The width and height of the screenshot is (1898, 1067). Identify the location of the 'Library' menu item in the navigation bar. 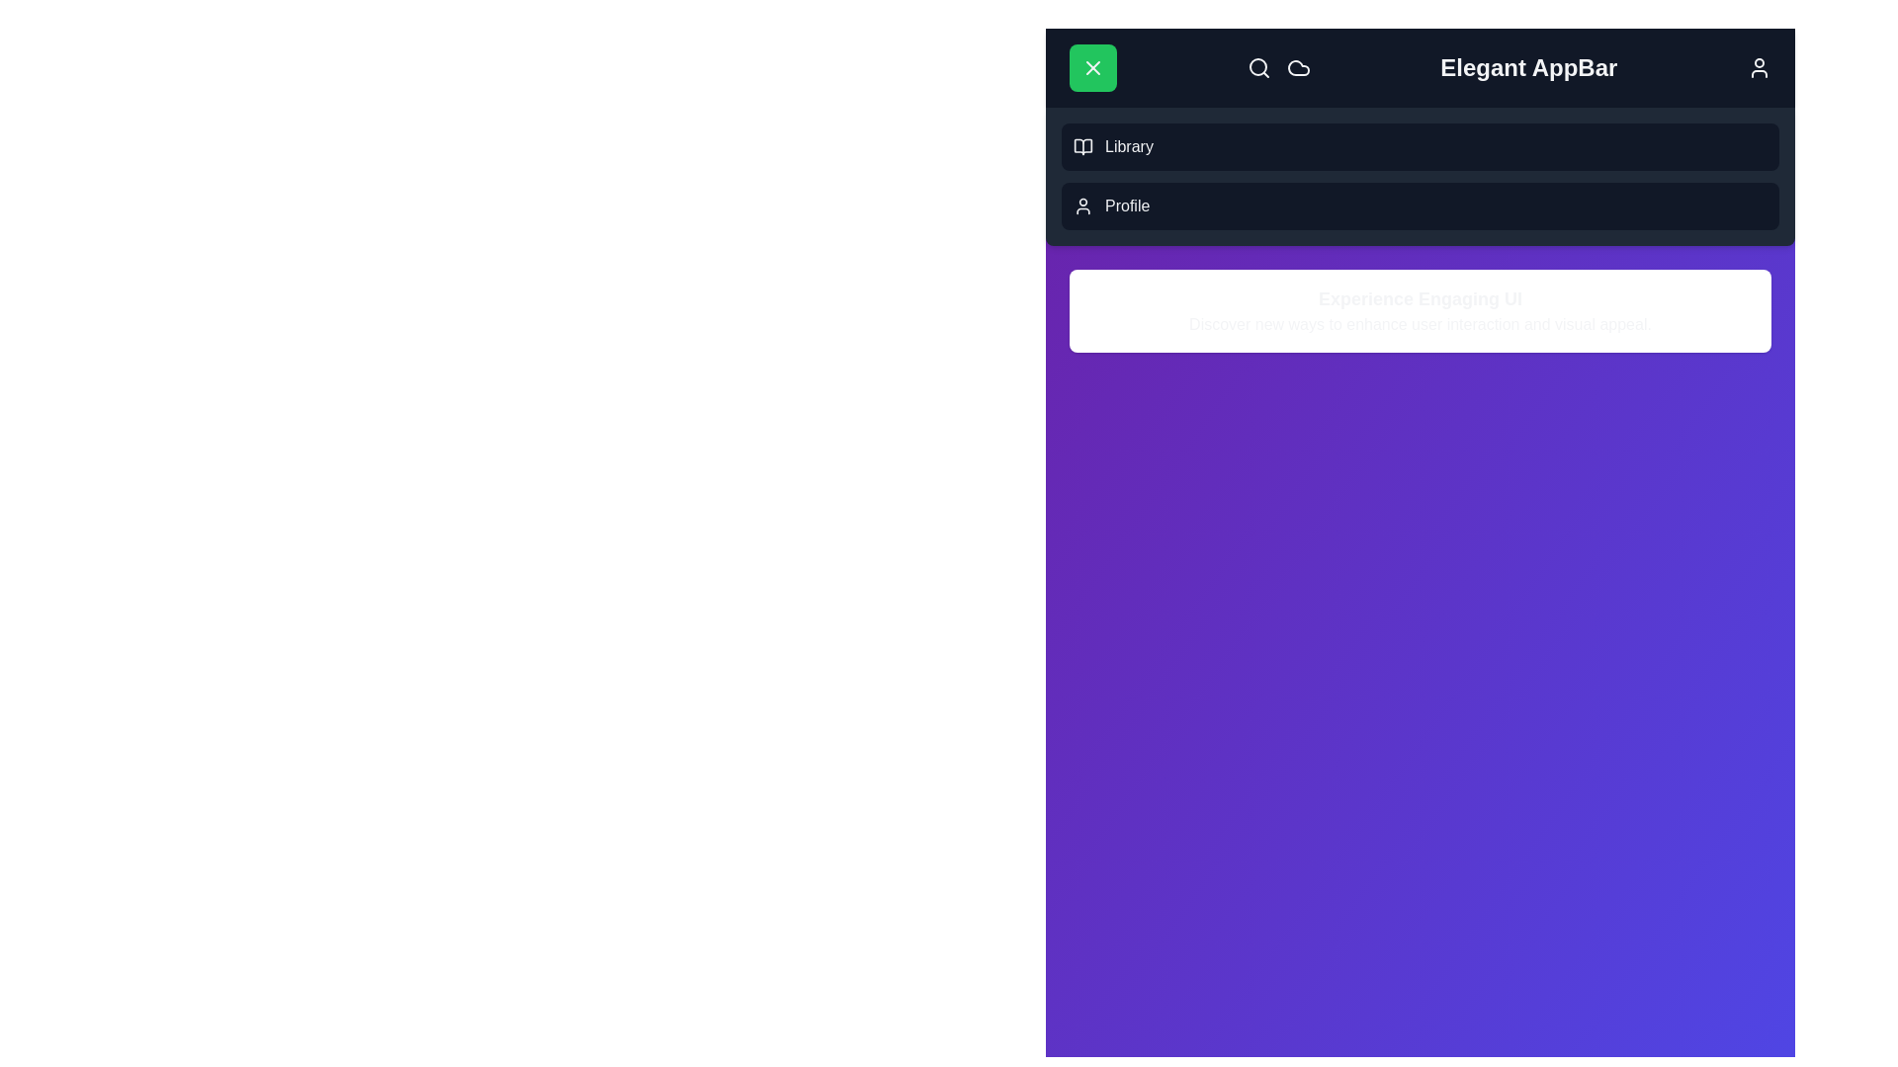
(1129, 146).